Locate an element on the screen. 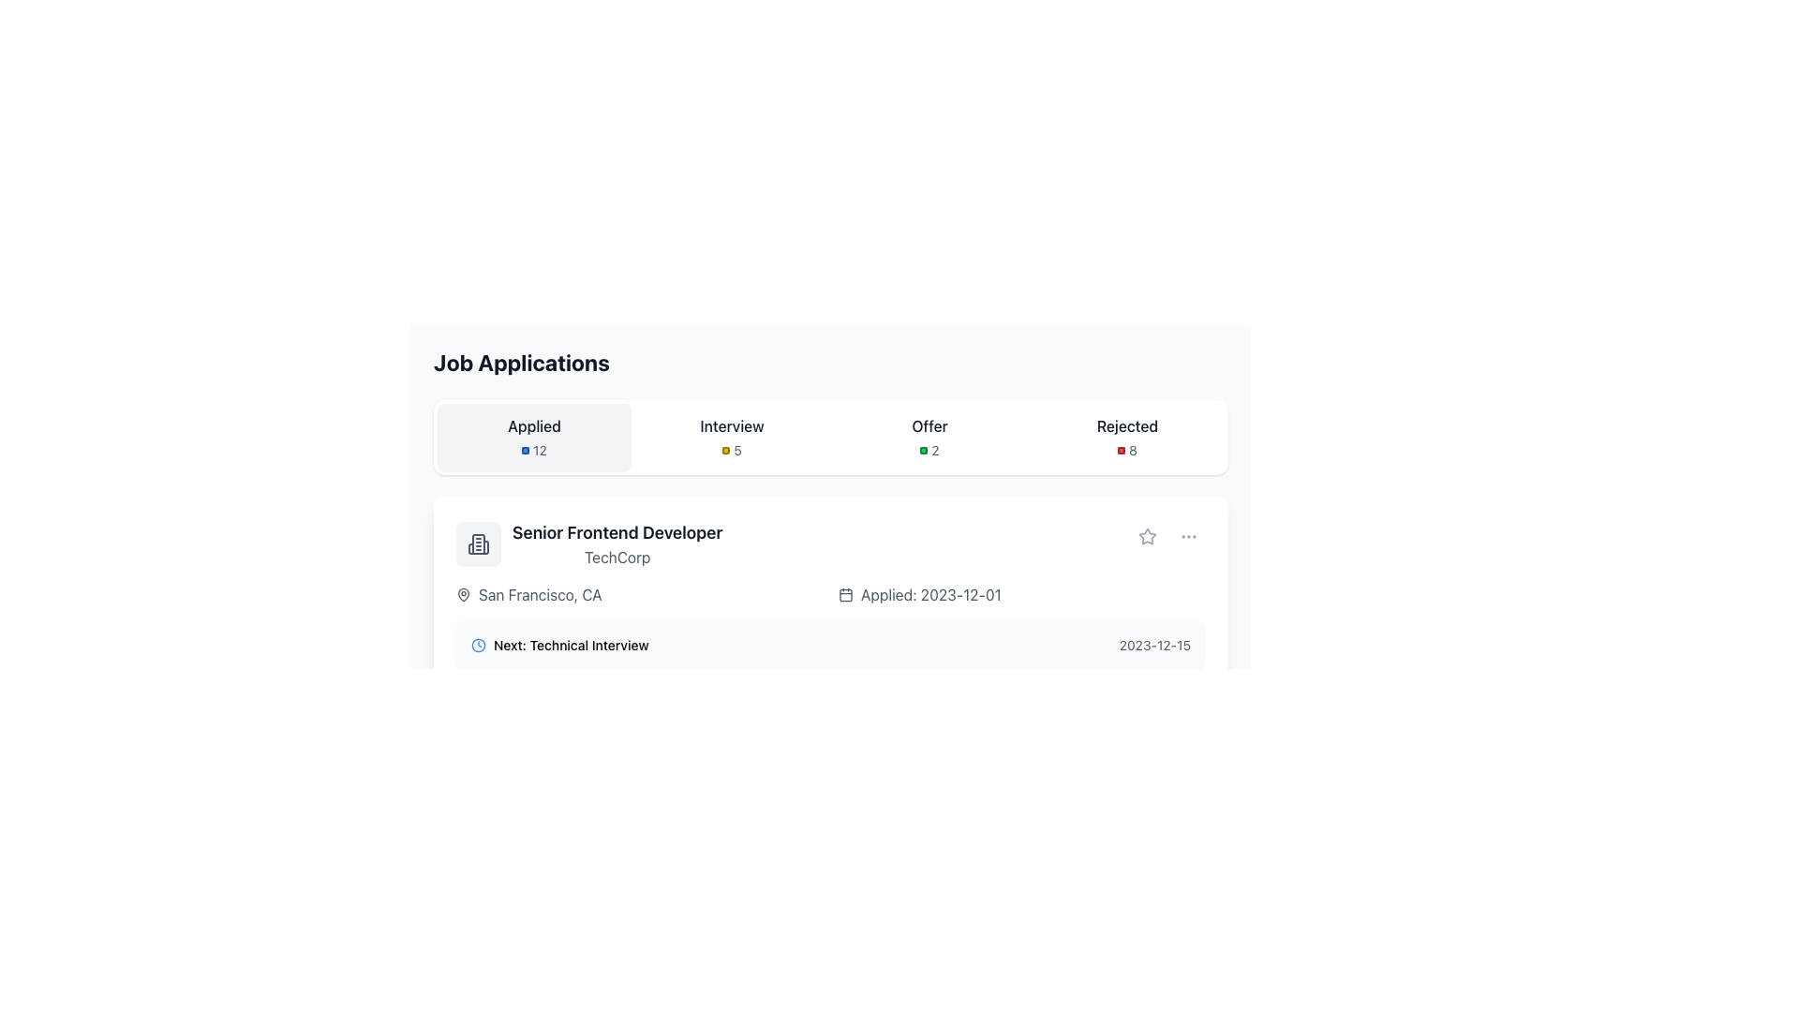 The height and width of the screenshot is (1012, 1799). the leading icon of the job application item cell that represents the job position is located at coordinates (478, 544).